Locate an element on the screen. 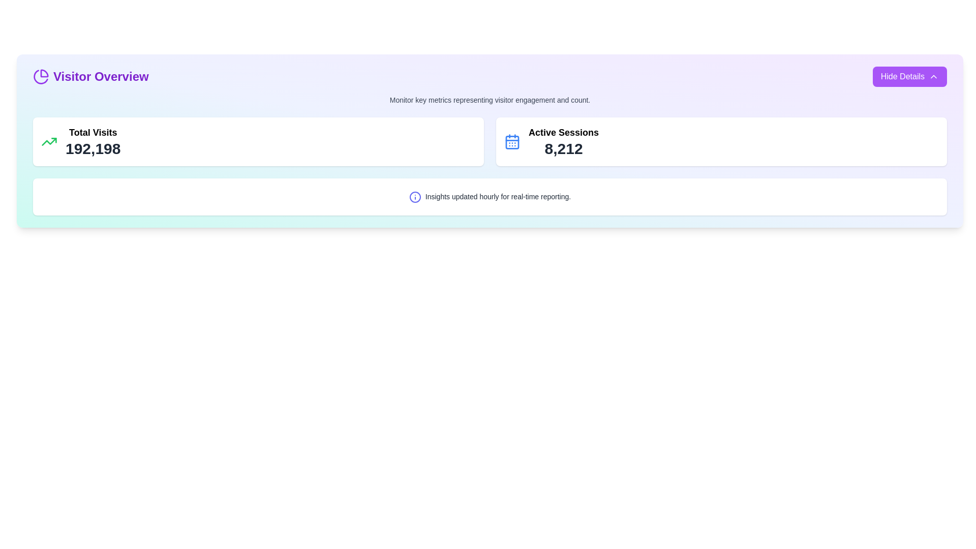 Image resolution: width=976 pixels, height=549 pixels. the calendar icon's interactive area represented is located at coordinates (512, 142).